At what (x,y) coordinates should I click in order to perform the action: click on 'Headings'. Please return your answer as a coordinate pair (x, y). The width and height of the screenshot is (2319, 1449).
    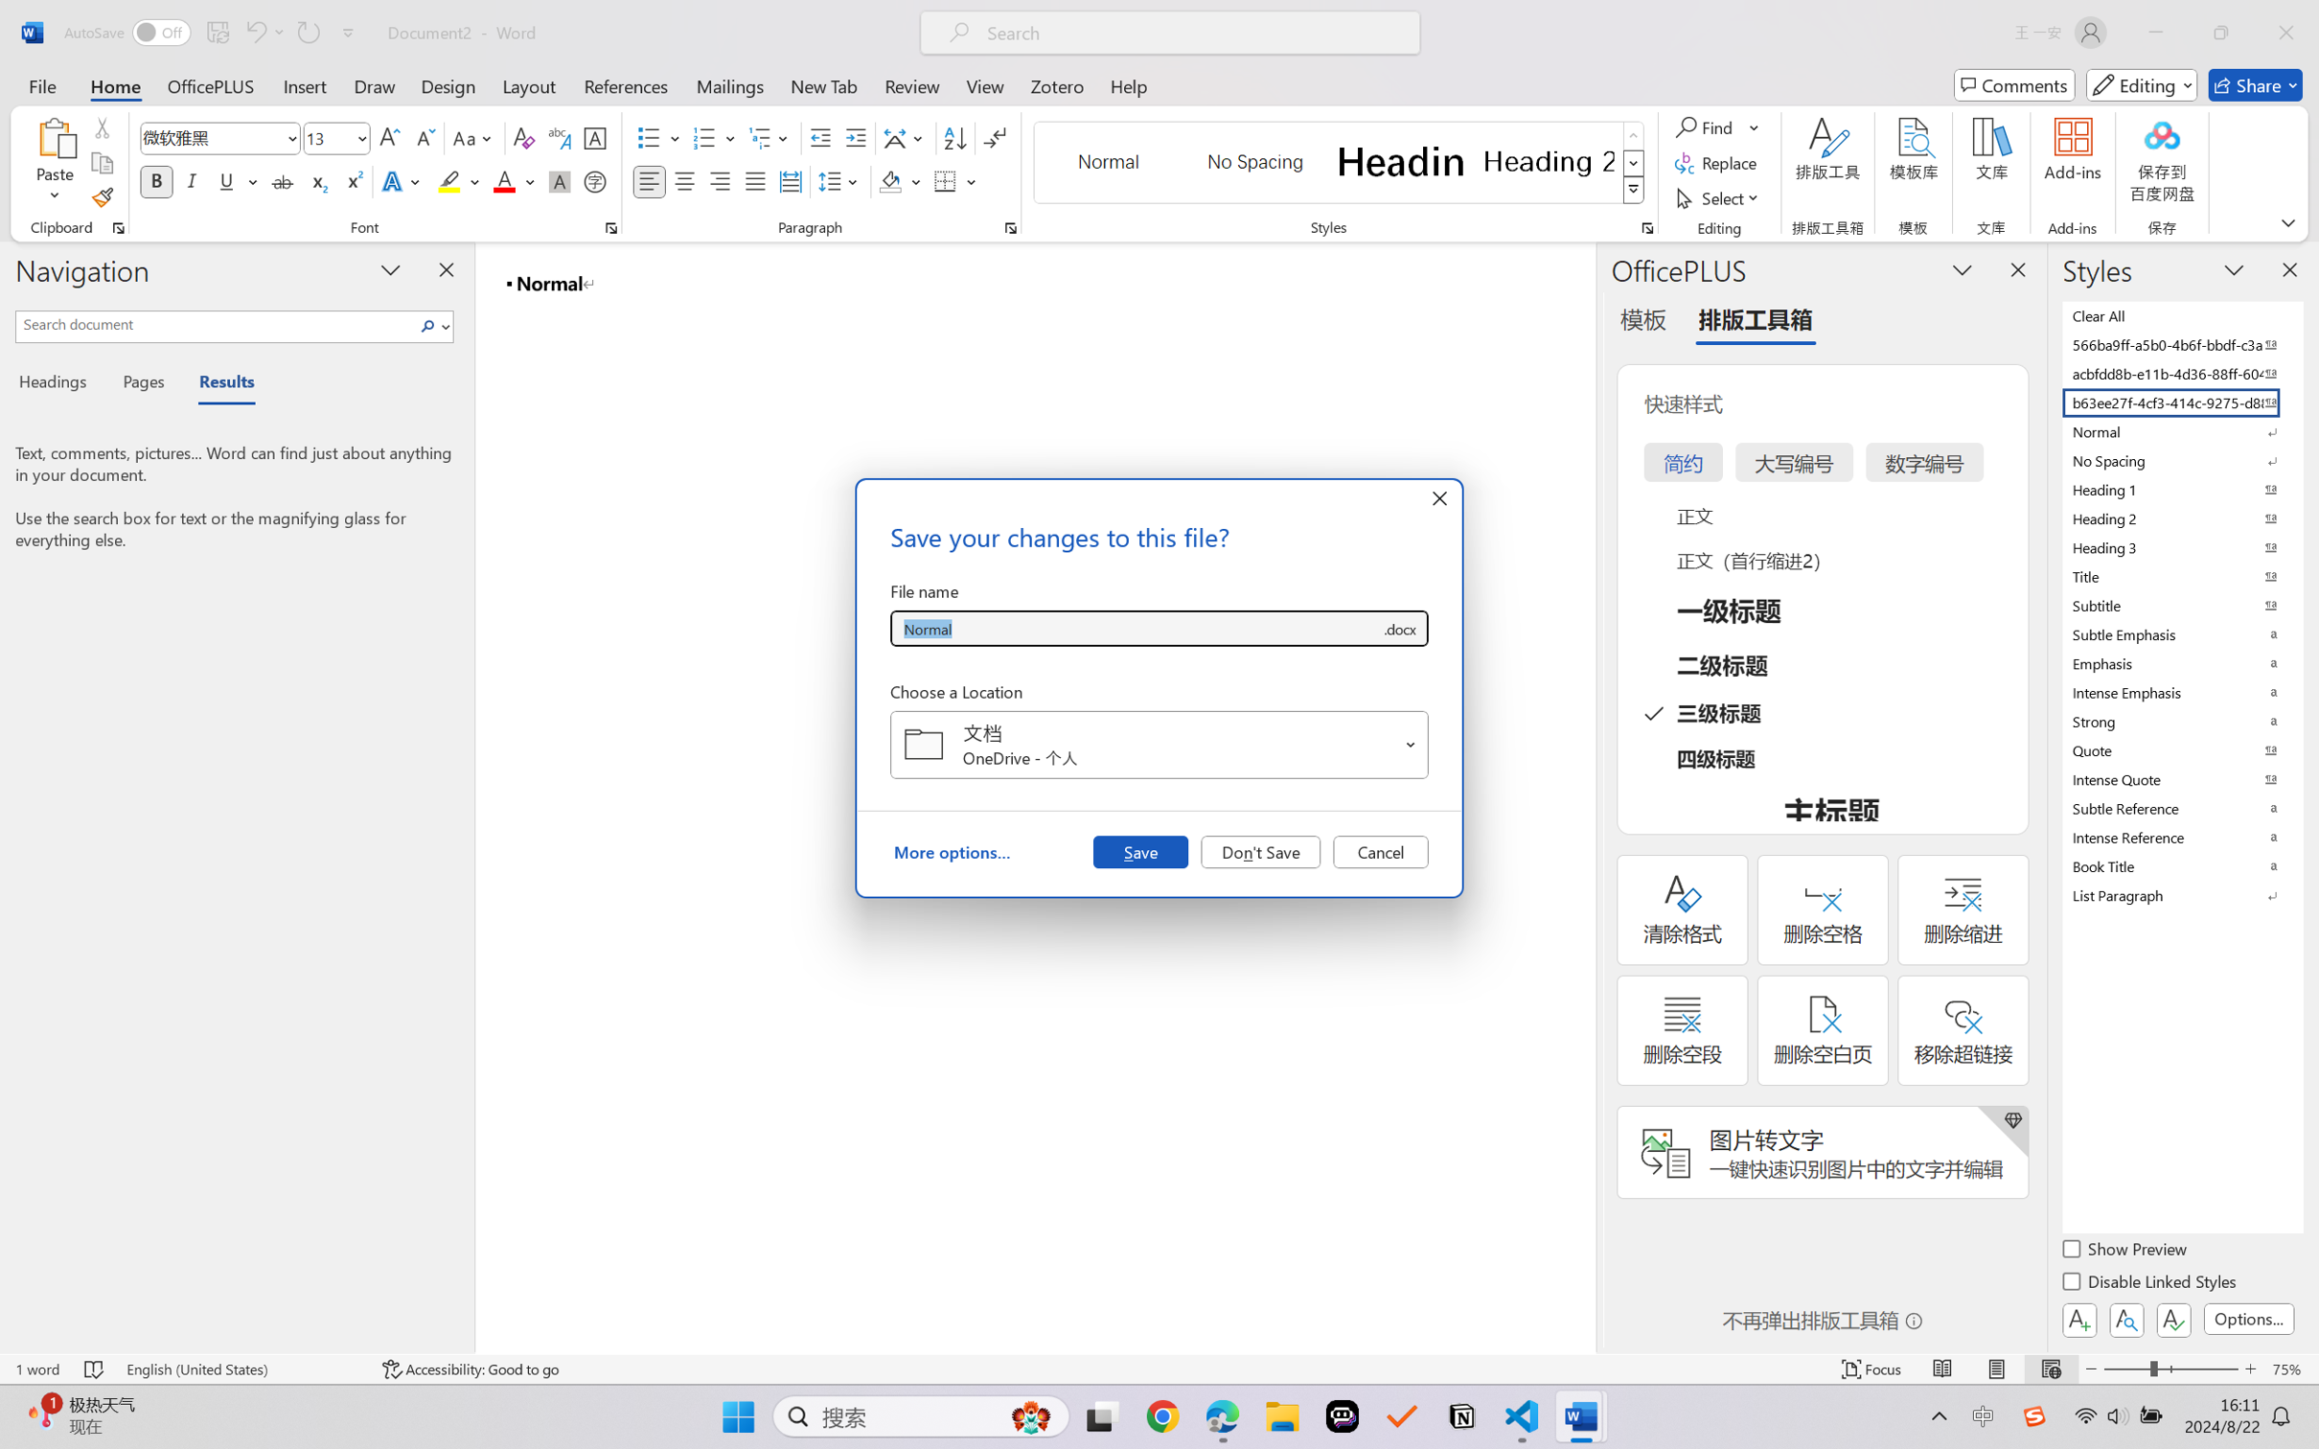
    Looking at the image, I should click on (58, 384).